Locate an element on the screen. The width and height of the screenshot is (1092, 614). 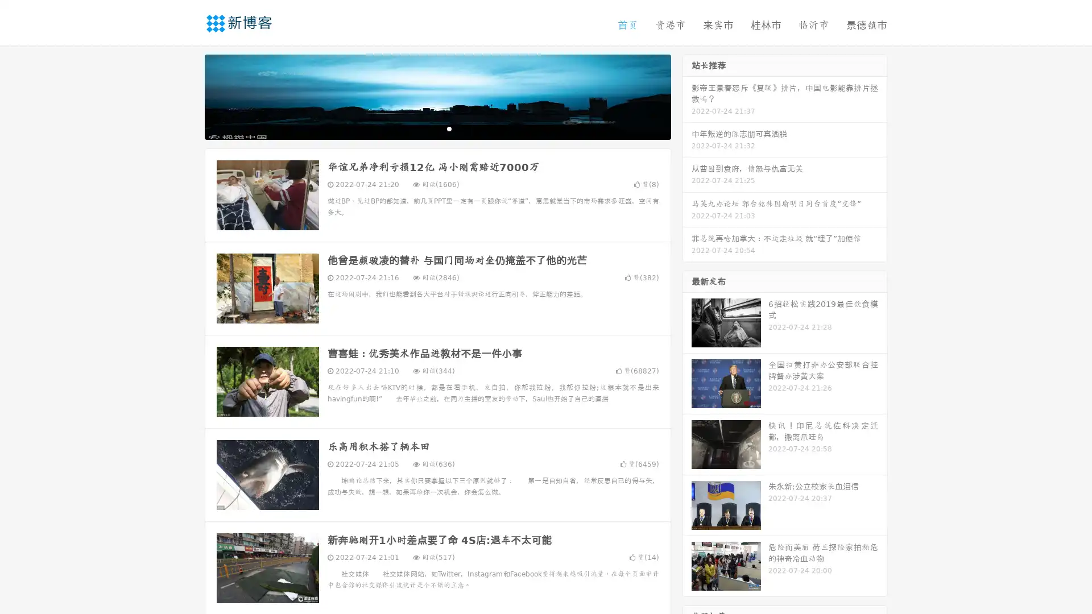
Next slide is located at coordinates (687, 96).